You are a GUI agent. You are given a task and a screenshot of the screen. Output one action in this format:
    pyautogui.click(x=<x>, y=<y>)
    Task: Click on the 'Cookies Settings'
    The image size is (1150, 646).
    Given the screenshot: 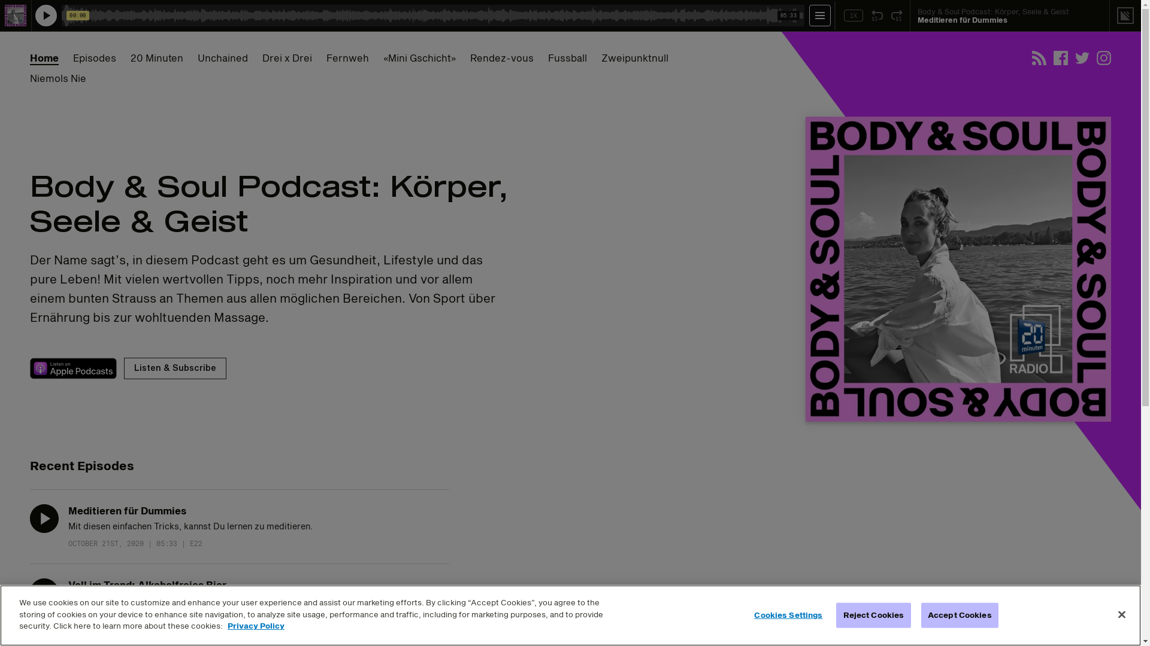 What is the action you would take?
    pyautogui.click(x=750, y=615)
    